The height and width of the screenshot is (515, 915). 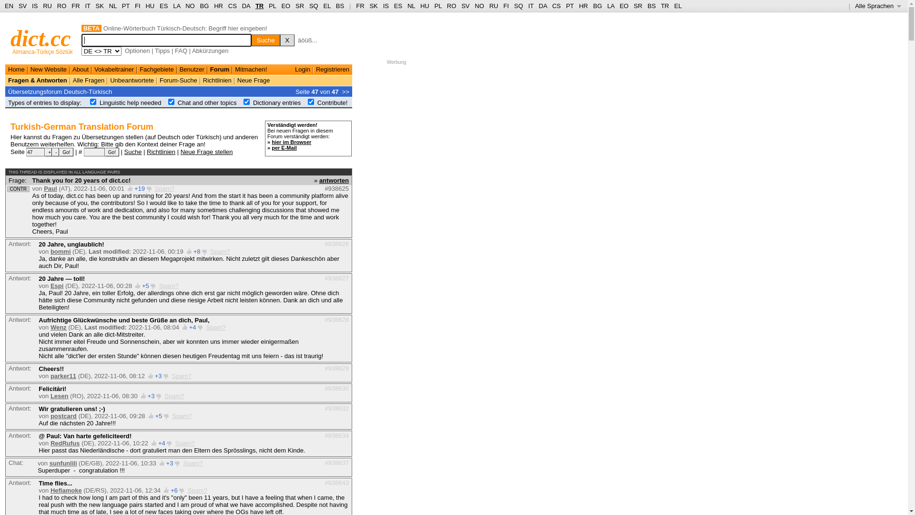 What do you see at coordinates (105, 152) in the screenshot?
I see `'Go!'` at bounding box center [105, 152].